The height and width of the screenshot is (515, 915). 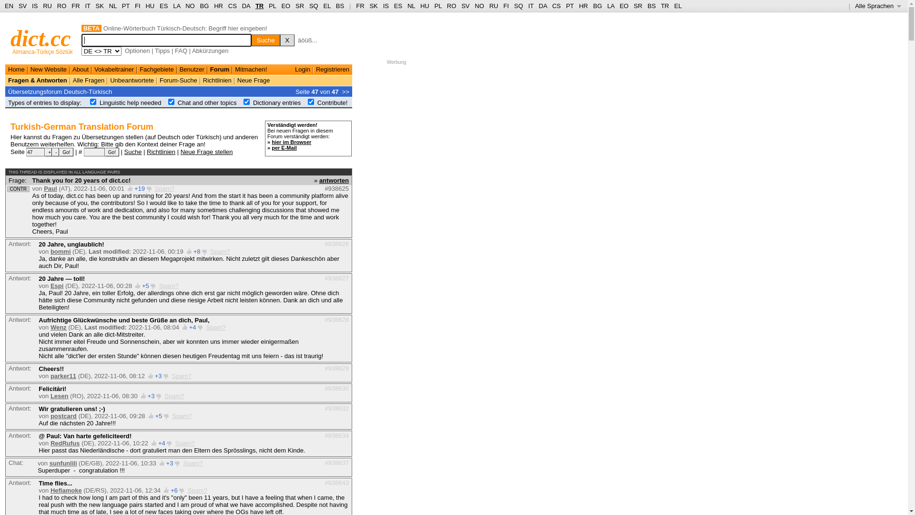 What do you see at coordinates (105, 152) in the screenshot?
I see `'Go!'` at bounding box center [105, 152].